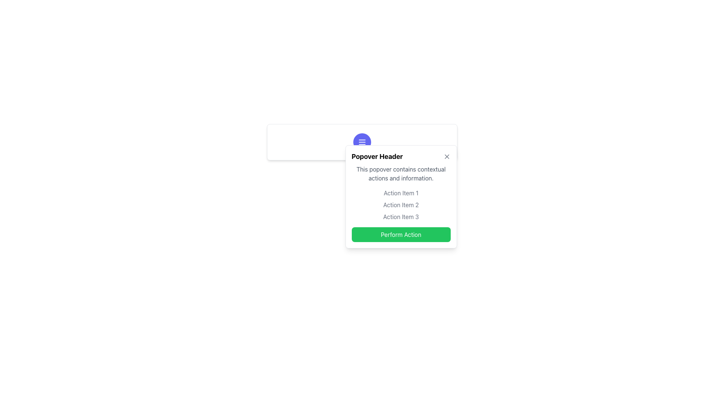 The image size is (714, 401). What do you see at coordinates (362, 142) in the screenshot?
I see `the menu button located at the top section of the popover, directly above the 'Popover Header'` at bounding box center [362, 142].